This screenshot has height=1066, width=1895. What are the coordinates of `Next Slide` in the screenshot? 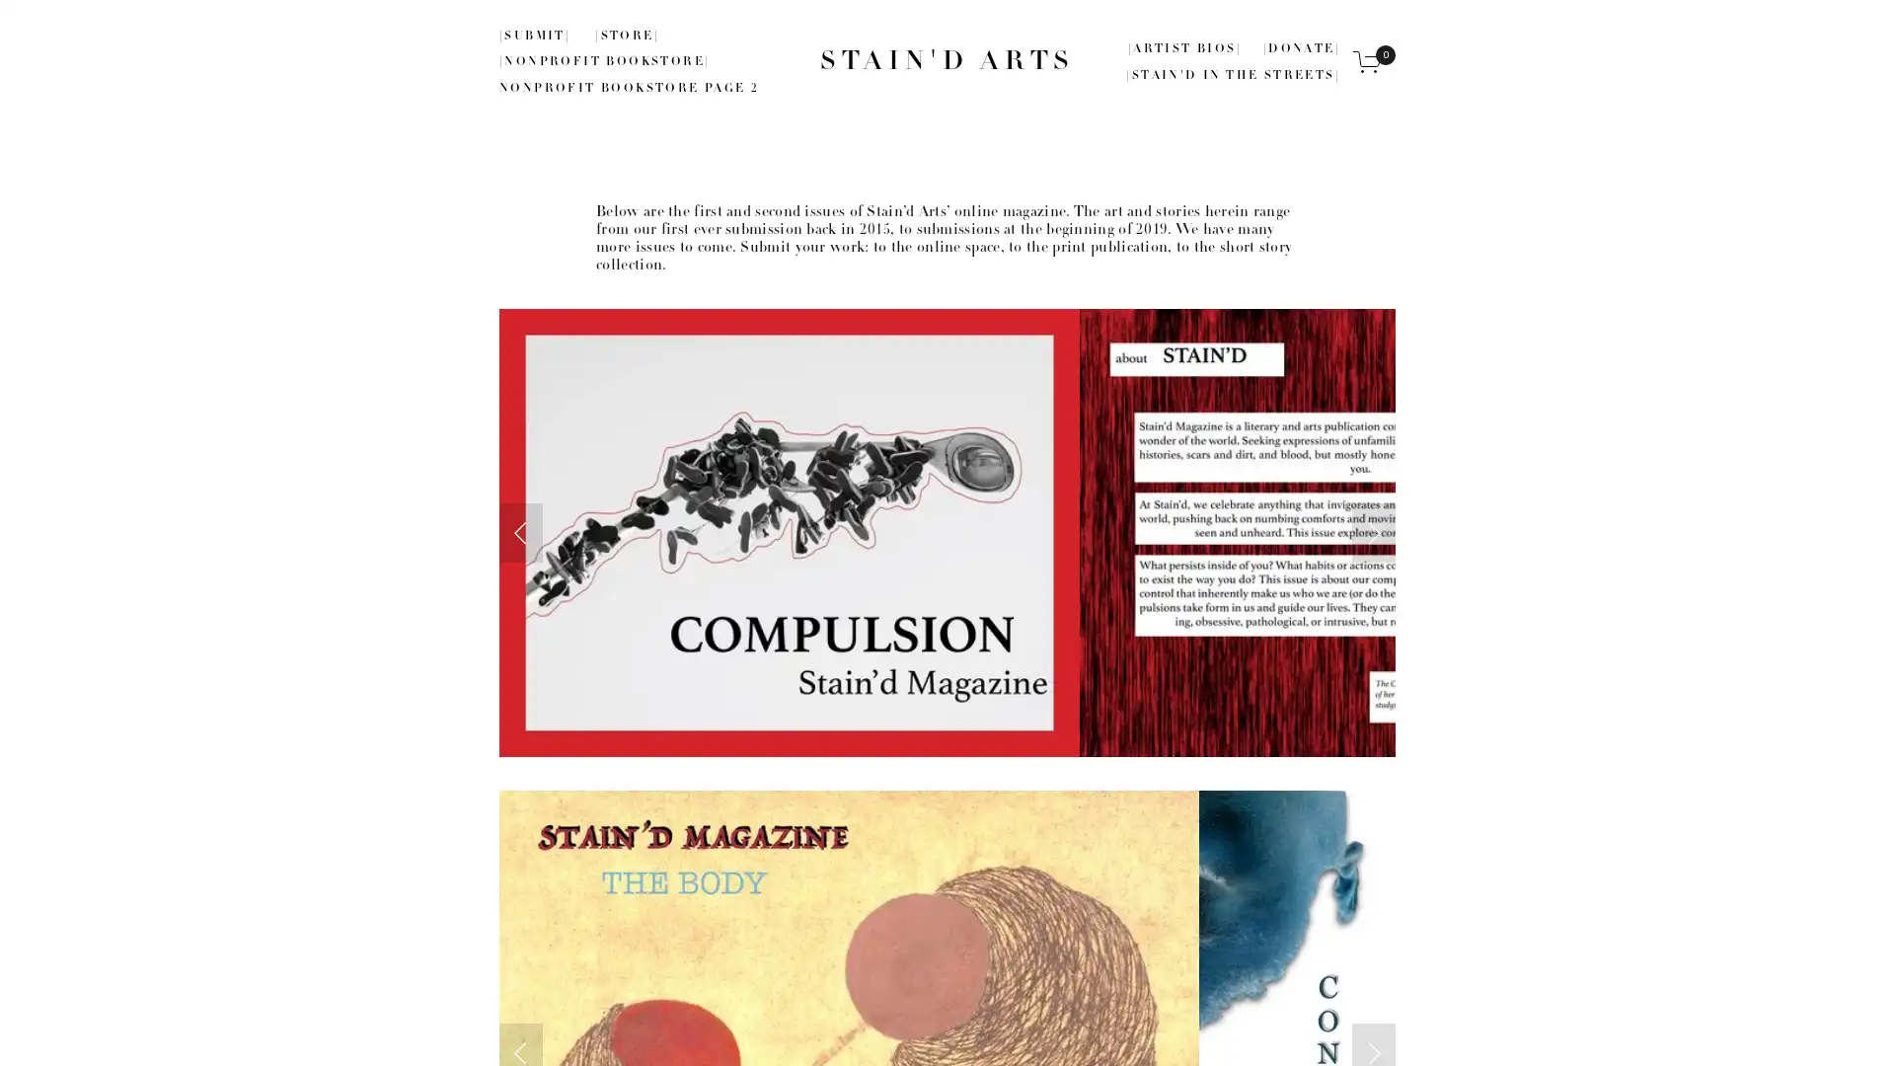 It's located at (1373, 531).